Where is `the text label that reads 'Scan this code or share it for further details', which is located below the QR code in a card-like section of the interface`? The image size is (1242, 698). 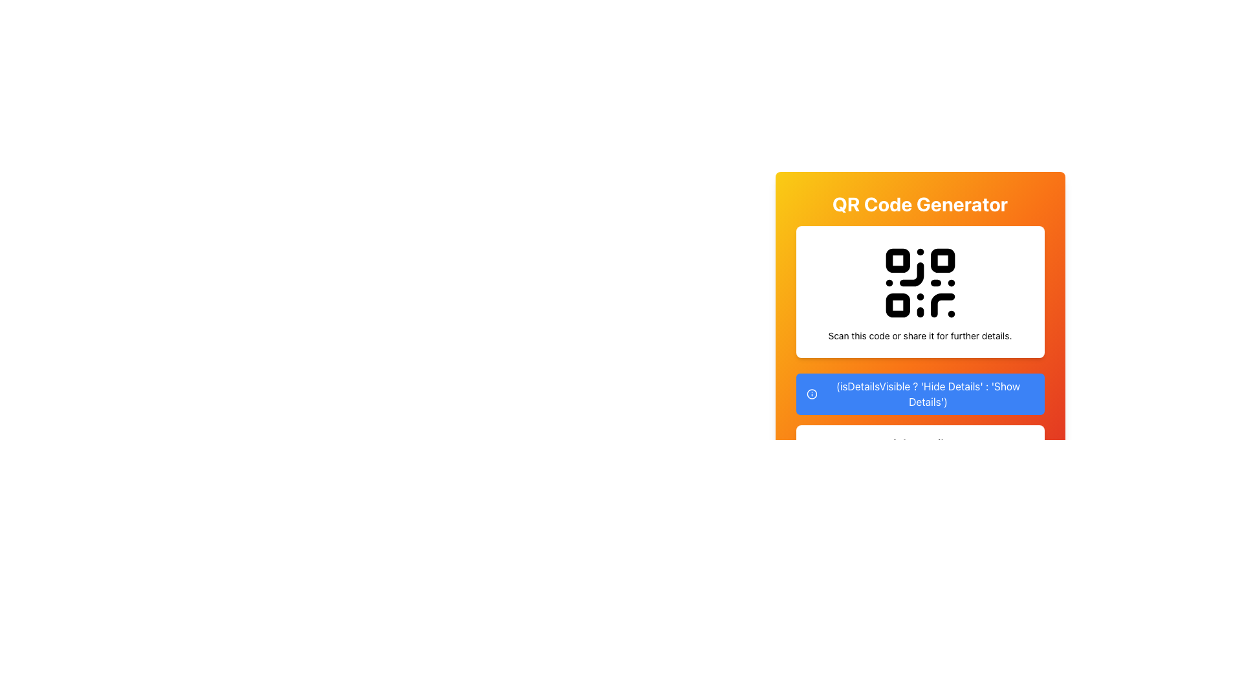
the text label that reads 'Scan this code or share it for further details', which is located below the QR code in a card-like section of the interface is located at coordinates (919, 335).